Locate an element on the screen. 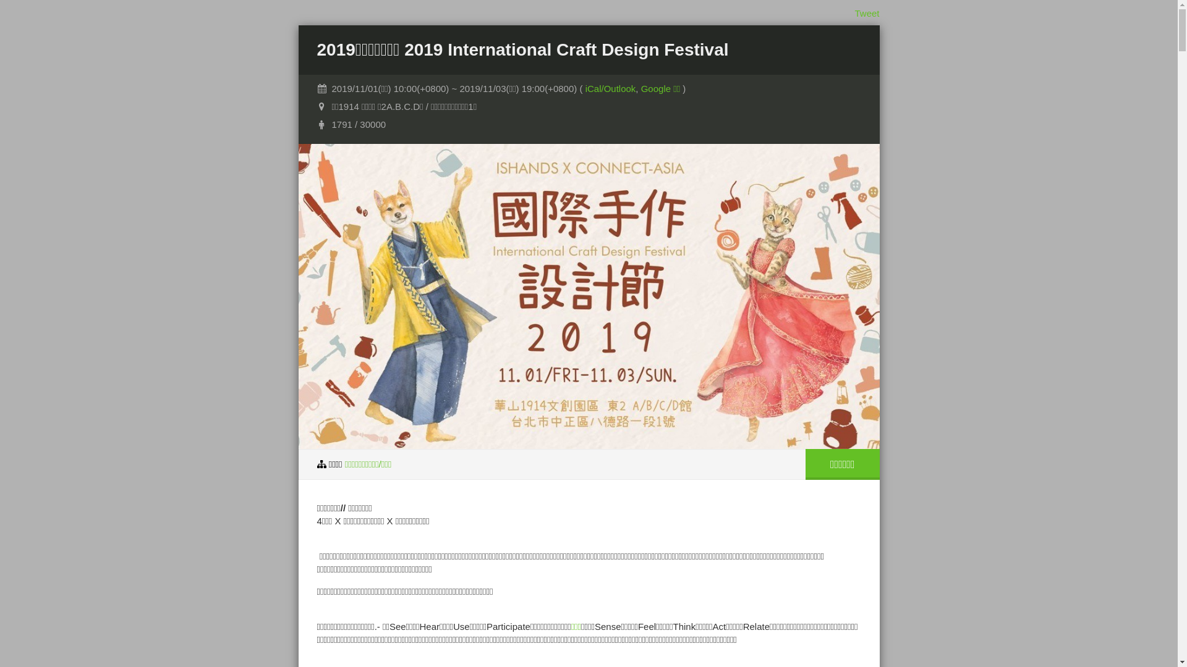 This screenshot has width=1187, height=667. 'Tweet' is located at coordinates (854, 13).